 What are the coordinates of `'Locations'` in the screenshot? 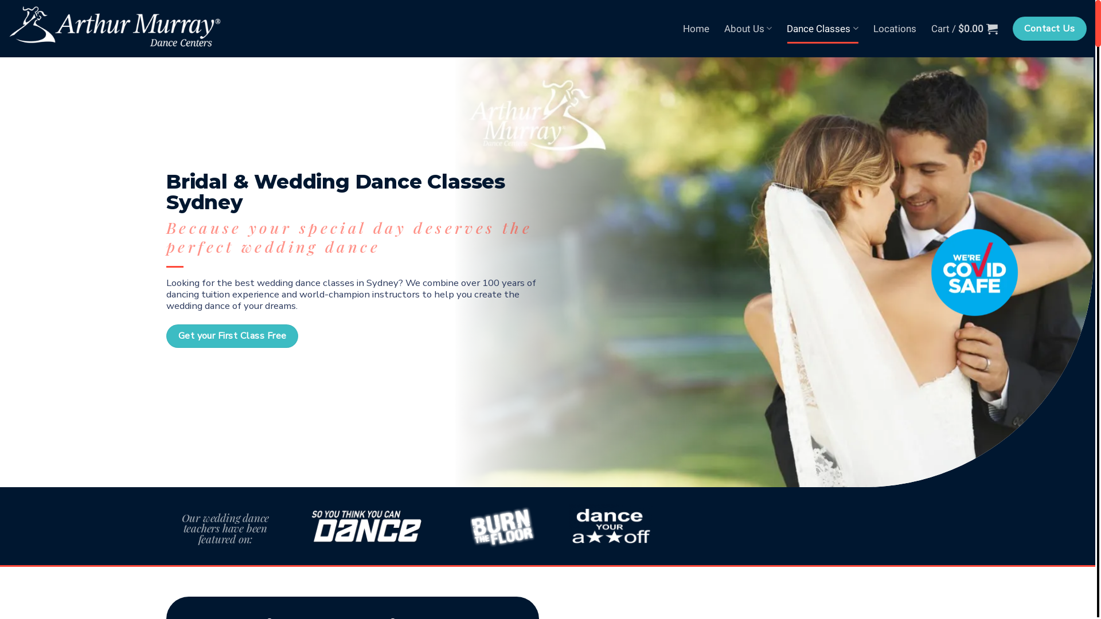 It's located at (894, 28).